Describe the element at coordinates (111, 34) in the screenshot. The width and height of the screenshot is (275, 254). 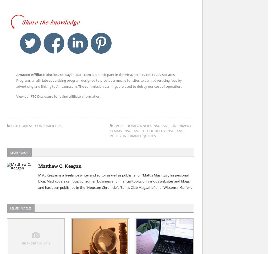
I see `'pinterest'` at that location.